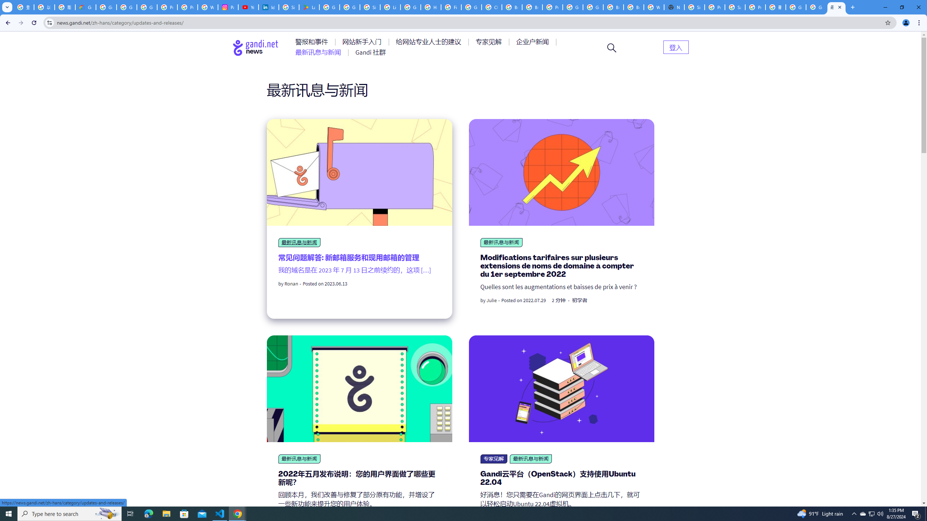  Describe the element at coordinates (592, 7) in the screenshot. I see `'Google Cloud Platform'` at that location.